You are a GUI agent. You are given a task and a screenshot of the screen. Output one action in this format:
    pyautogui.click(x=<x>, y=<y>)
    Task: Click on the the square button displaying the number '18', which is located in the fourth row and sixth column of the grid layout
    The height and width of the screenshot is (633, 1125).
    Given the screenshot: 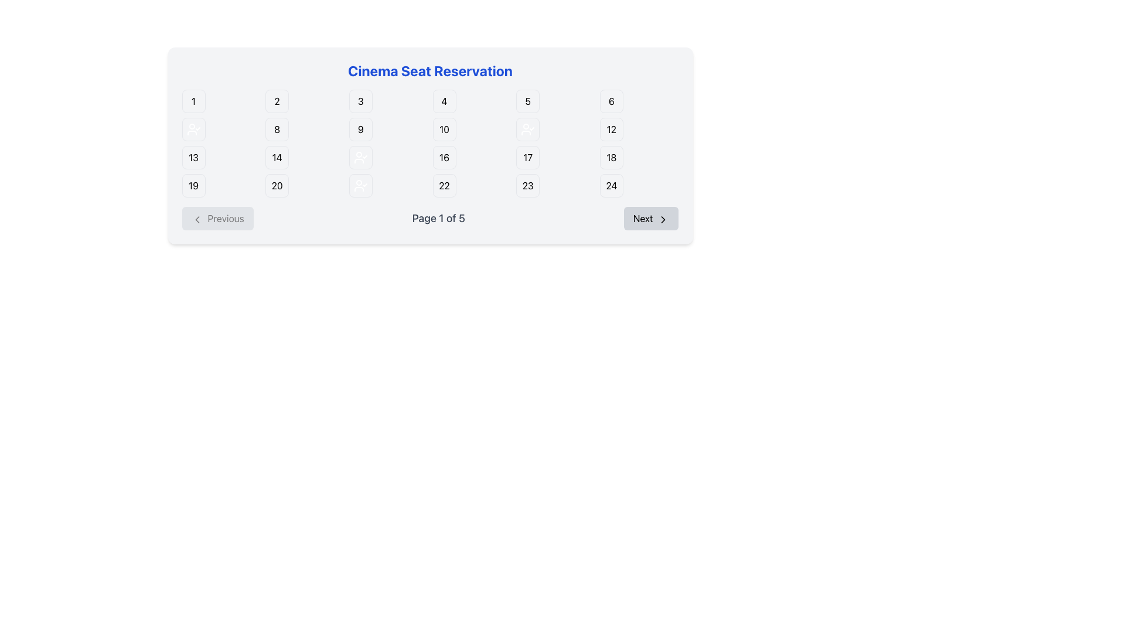 What is the action you would take?
    pyautogui.click(x=611, y=157)
    